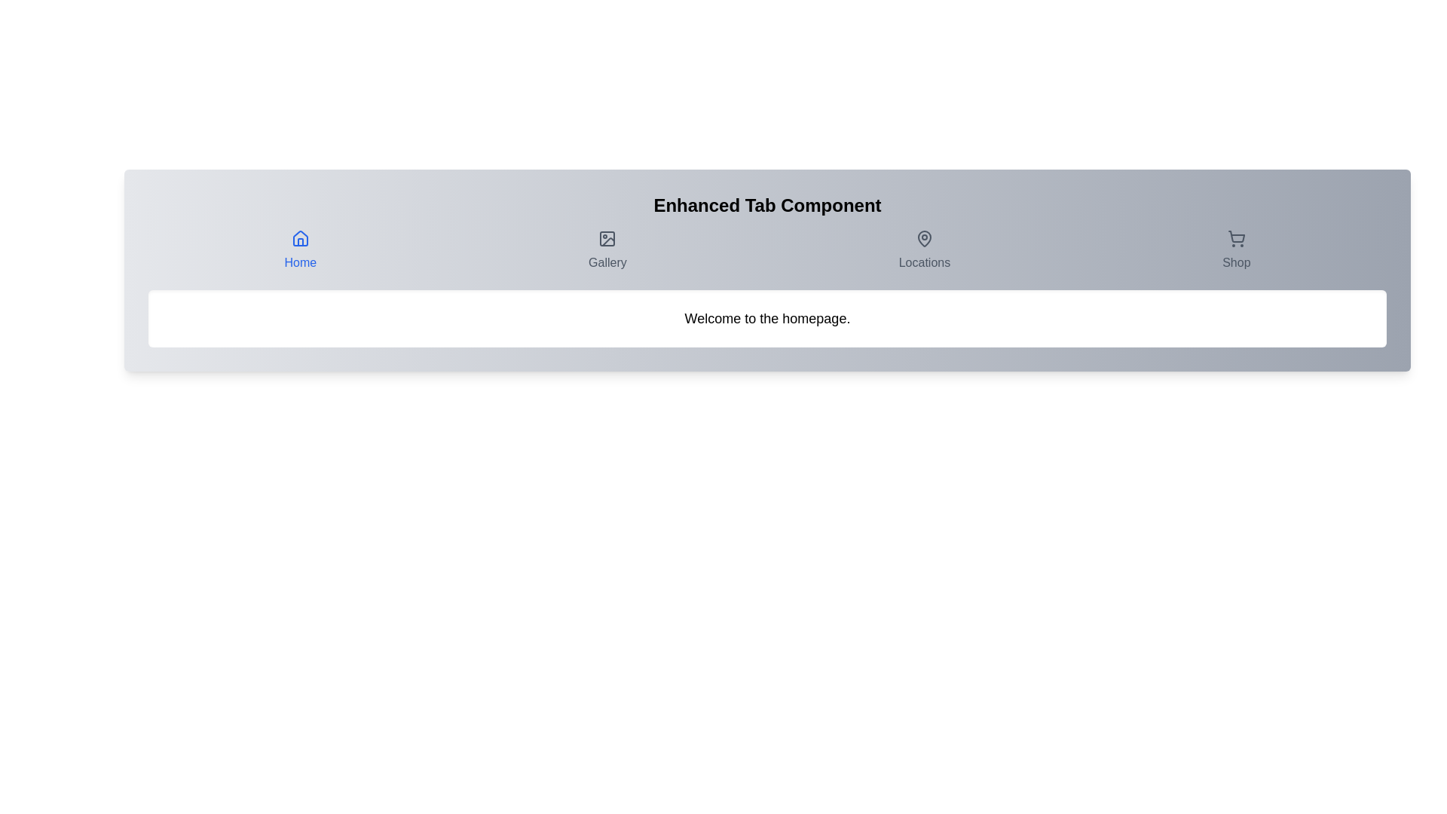 The width and height of the screenshot is (1447, 814). I want to click on the house icon with a blue outline in the navigation bar, so click(300, 237).